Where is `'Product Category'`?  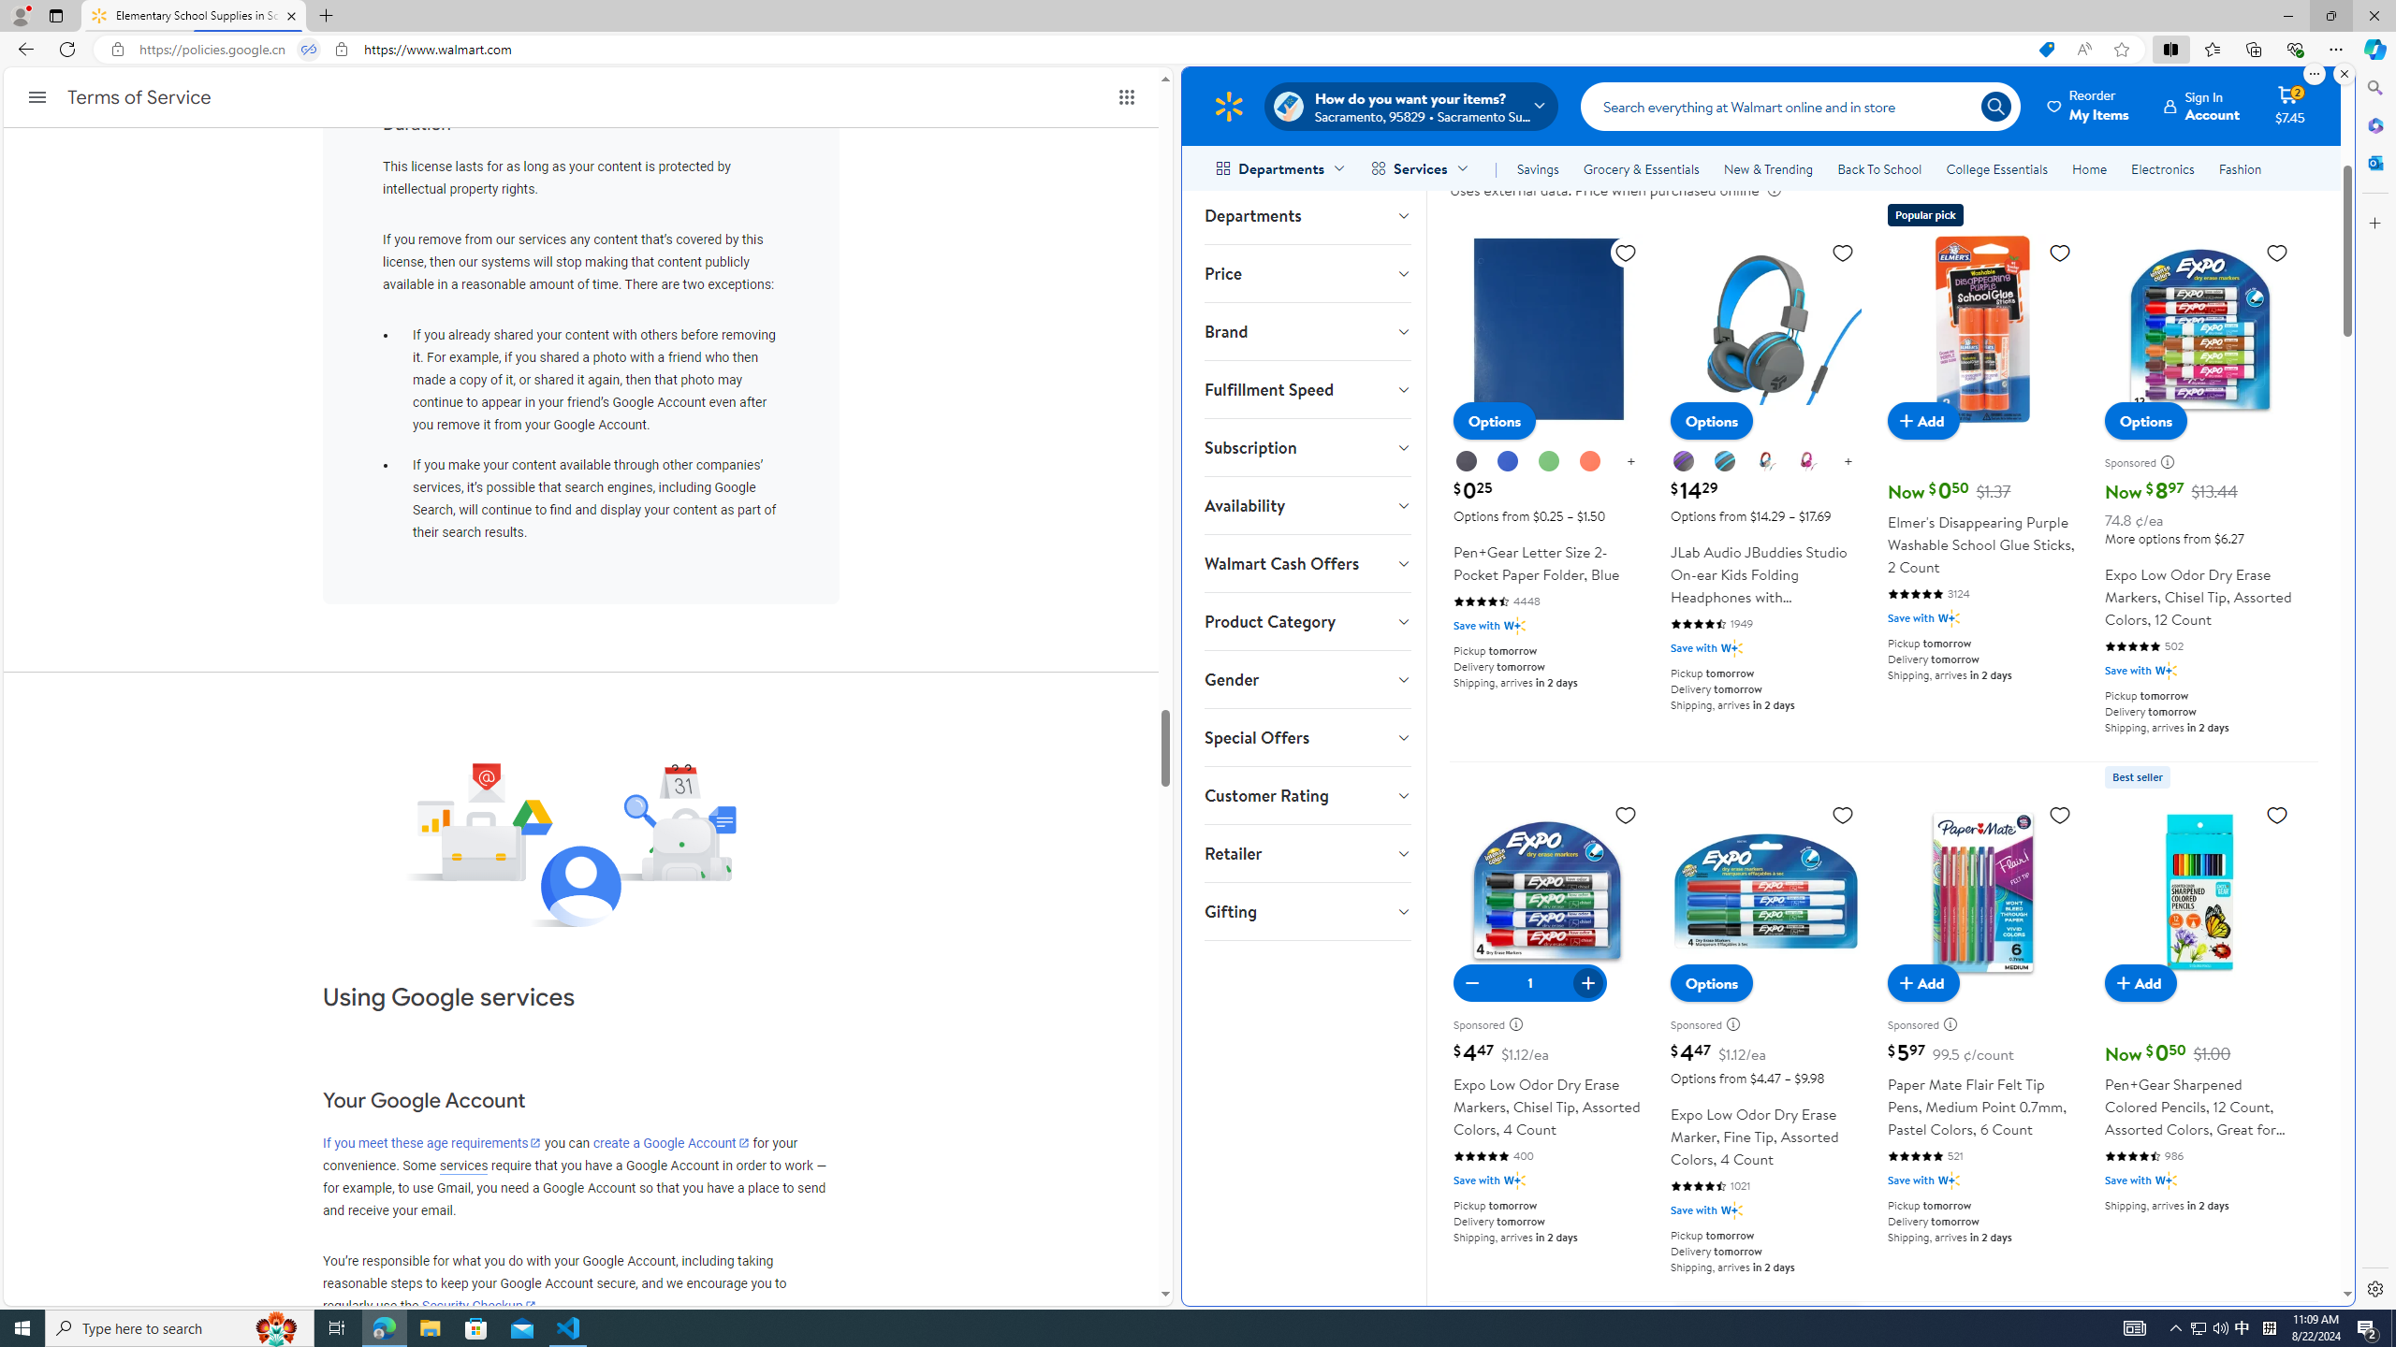
'Product Category' is located at coordinates (1306, 620).